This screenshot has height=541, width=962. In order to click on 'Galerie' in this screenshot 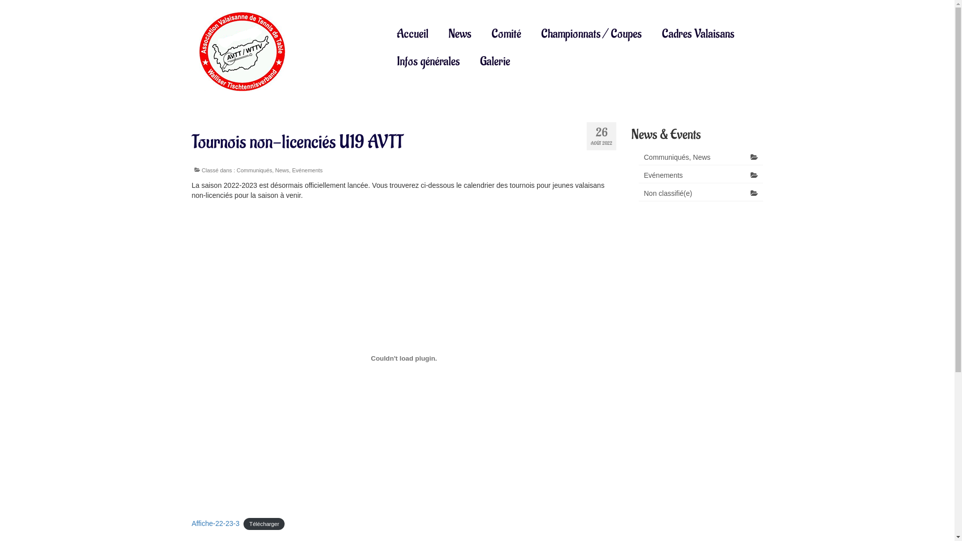, I will do `click(495, 61)`.